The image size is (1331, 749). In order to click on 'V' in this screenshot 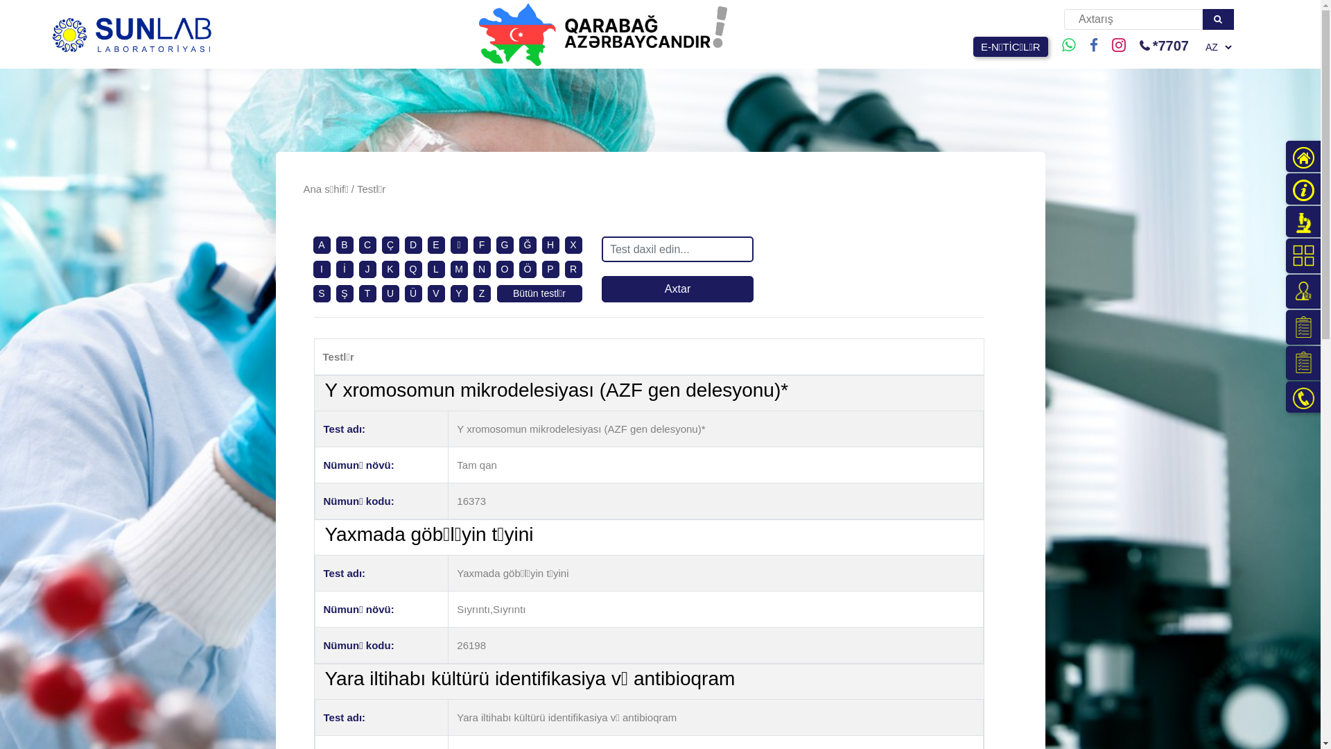, I will do `click(435, 293)`.